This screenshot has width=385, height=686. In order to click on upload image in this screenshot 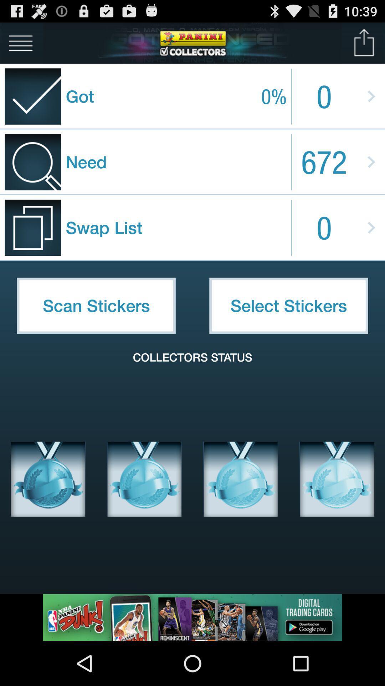, I will do `click(364, 43)`.